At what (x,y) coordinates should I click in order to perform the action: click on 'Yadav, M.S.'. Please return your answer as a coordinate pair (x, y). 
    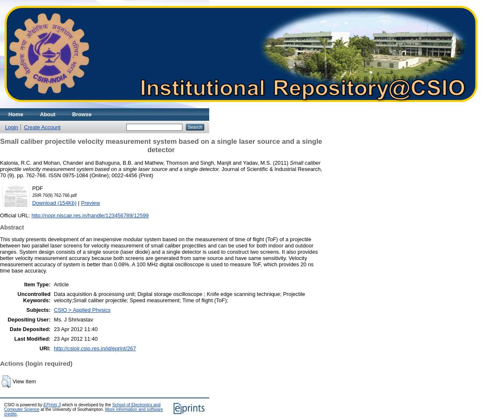
    Looking at the image, I should click on (256, 162).